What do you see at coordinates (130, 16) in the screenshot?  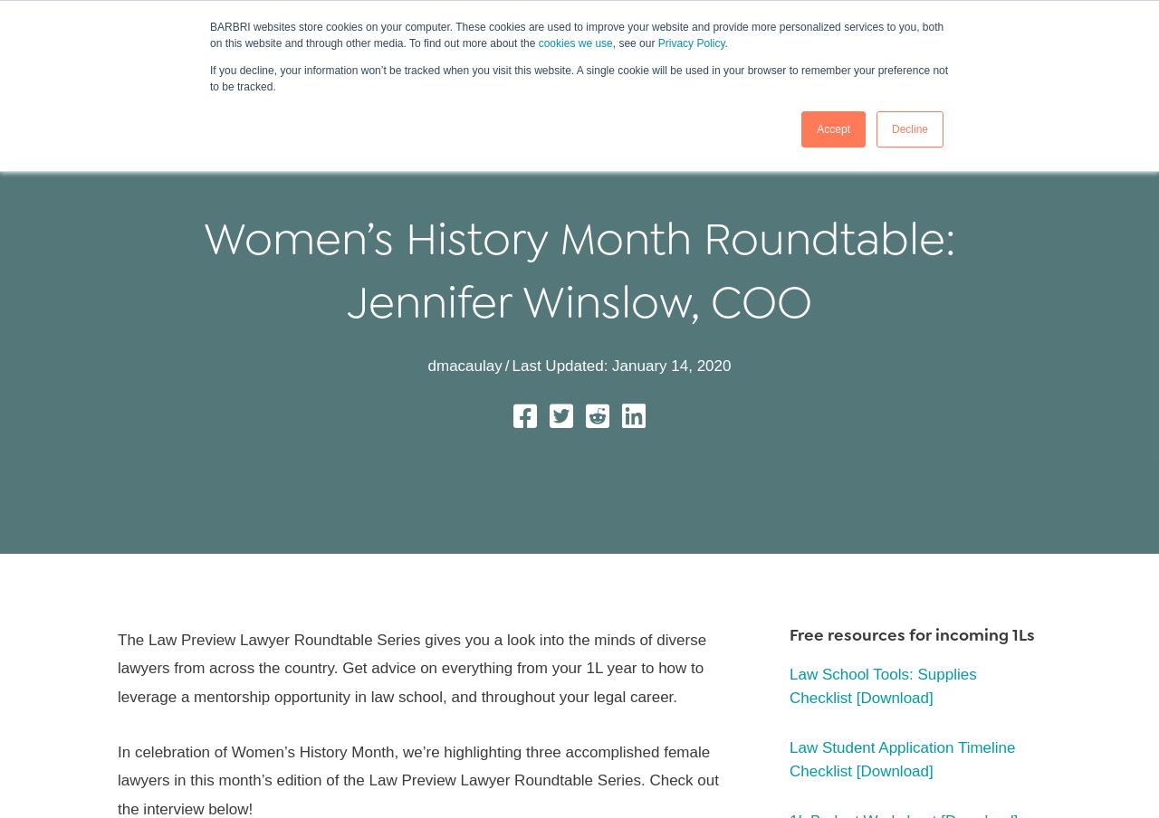 I see `'|'` at bounding box center [130, 16].